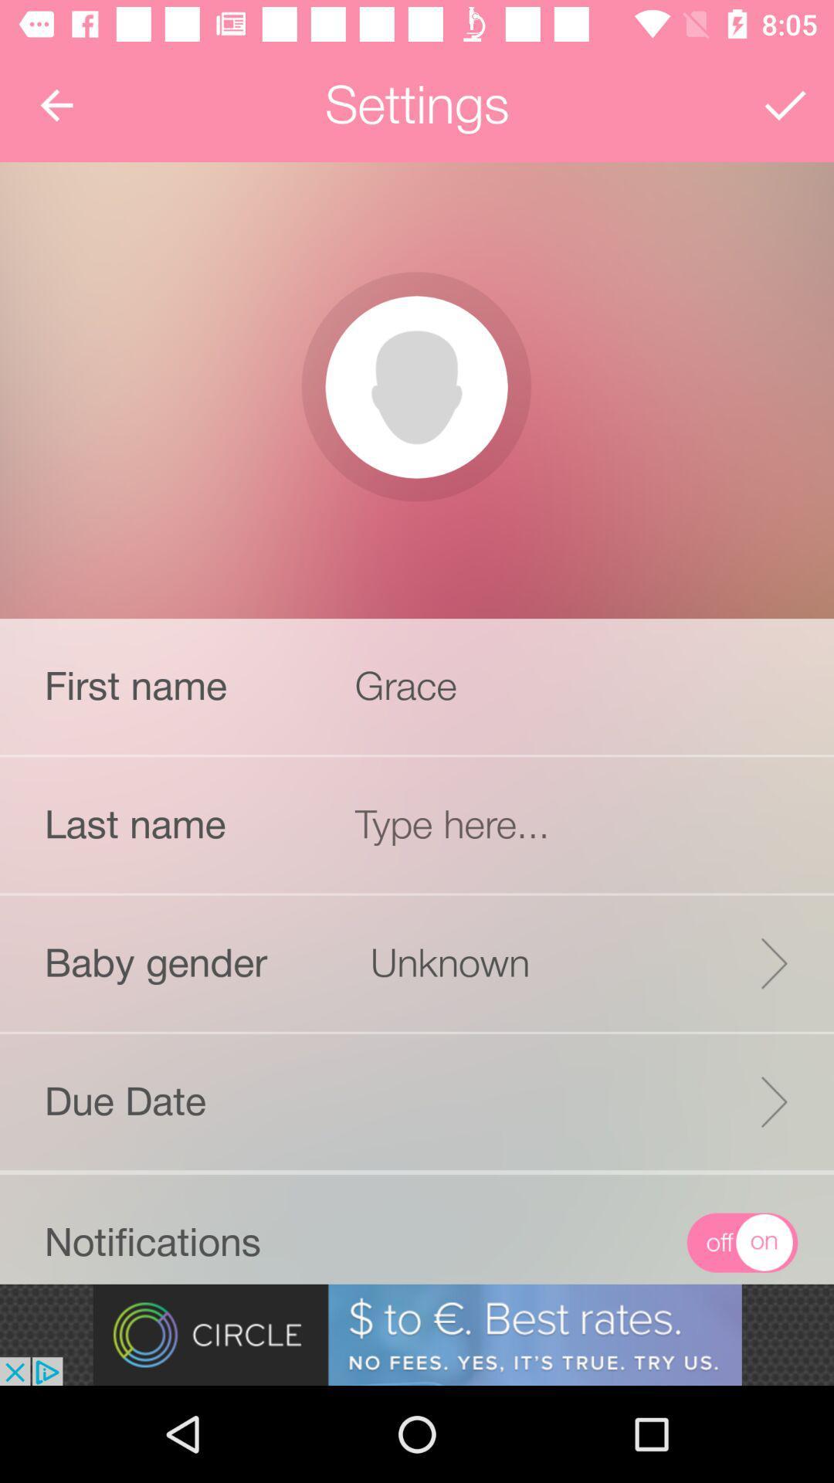 The height and width of the screenshot is (1483, 834). What do you see at coordinates (577, 823) in the screenshot?
I see `typing box` at bounding box center [577, 823].